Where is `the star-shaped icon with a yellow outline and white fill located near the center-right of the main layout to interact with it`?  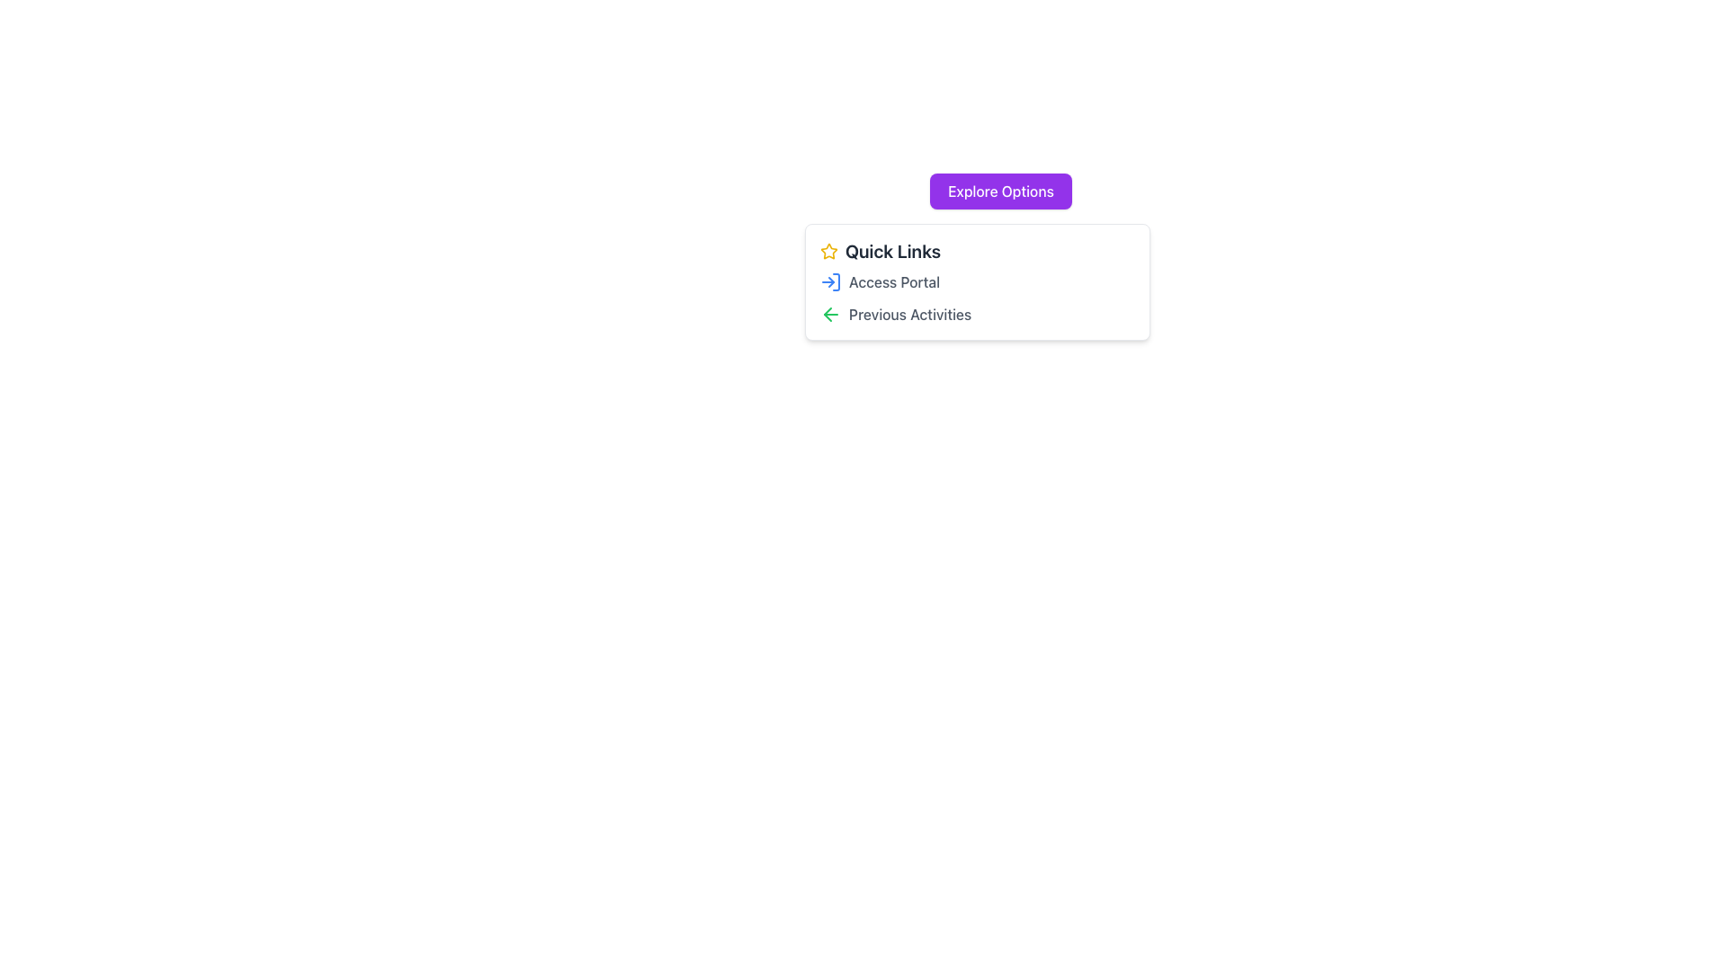 the star-shaped icon with a yellow outline and white fill located near the center-right of the main layout to interact with it is located at coordinates (828, 251).